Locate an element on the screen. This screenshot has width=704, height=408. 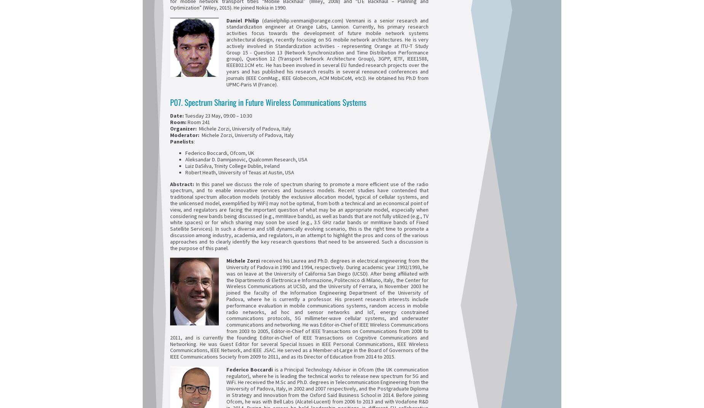
'Organizer:' is located at coordinates (183, 129).